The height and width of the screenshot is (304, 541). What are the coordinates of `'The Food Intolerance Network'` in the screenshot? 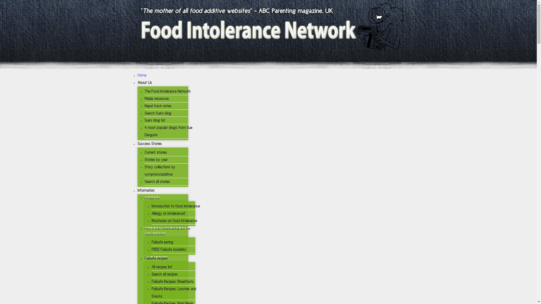 It's located at (167, 91).